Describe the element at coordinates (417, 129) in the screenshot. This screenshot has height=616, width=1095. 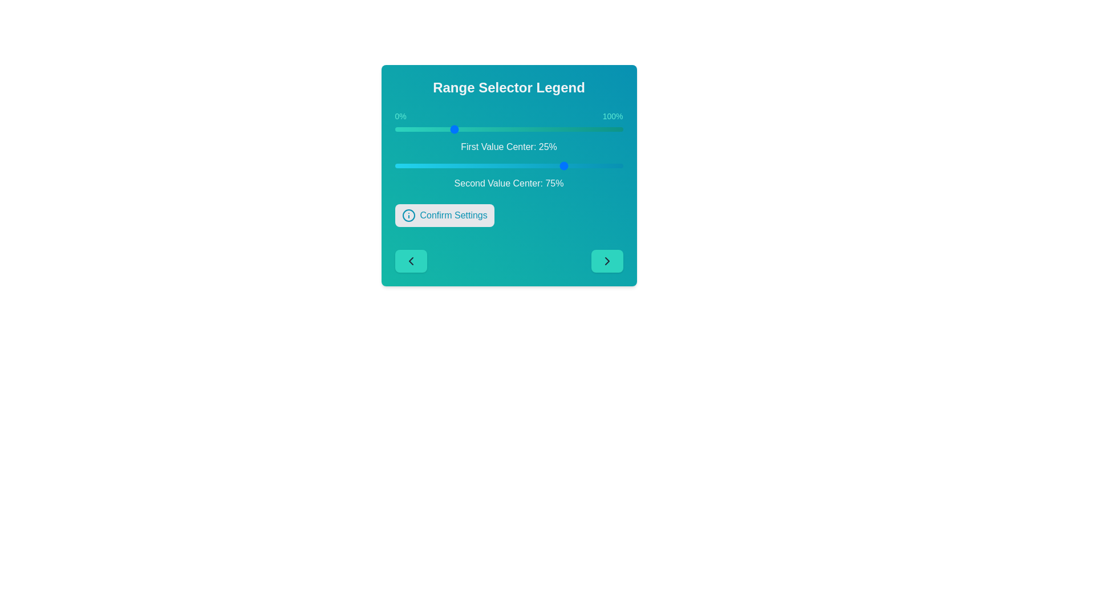
I see `the slider value` at that location.